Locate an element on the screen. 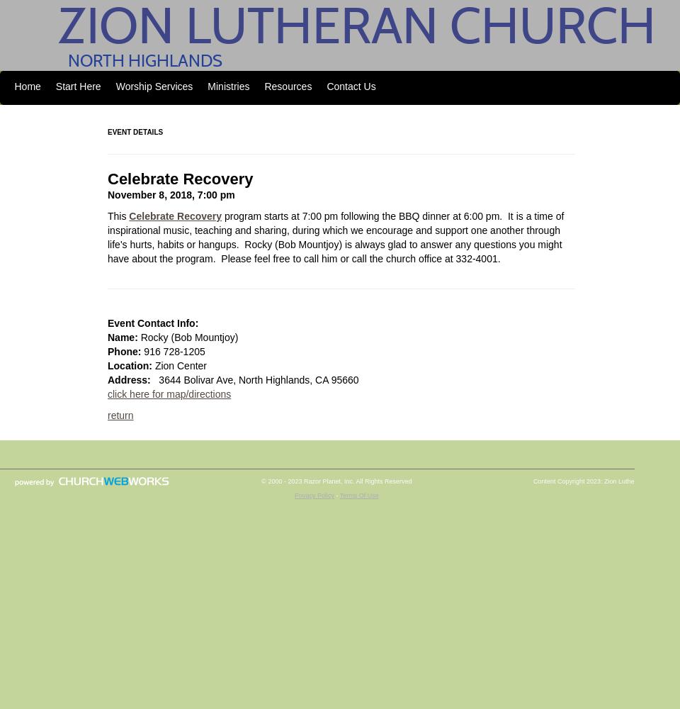 This screenshot has height=709, width=680. 'EVENT DETAILS' is located at coordinates (106, 132).